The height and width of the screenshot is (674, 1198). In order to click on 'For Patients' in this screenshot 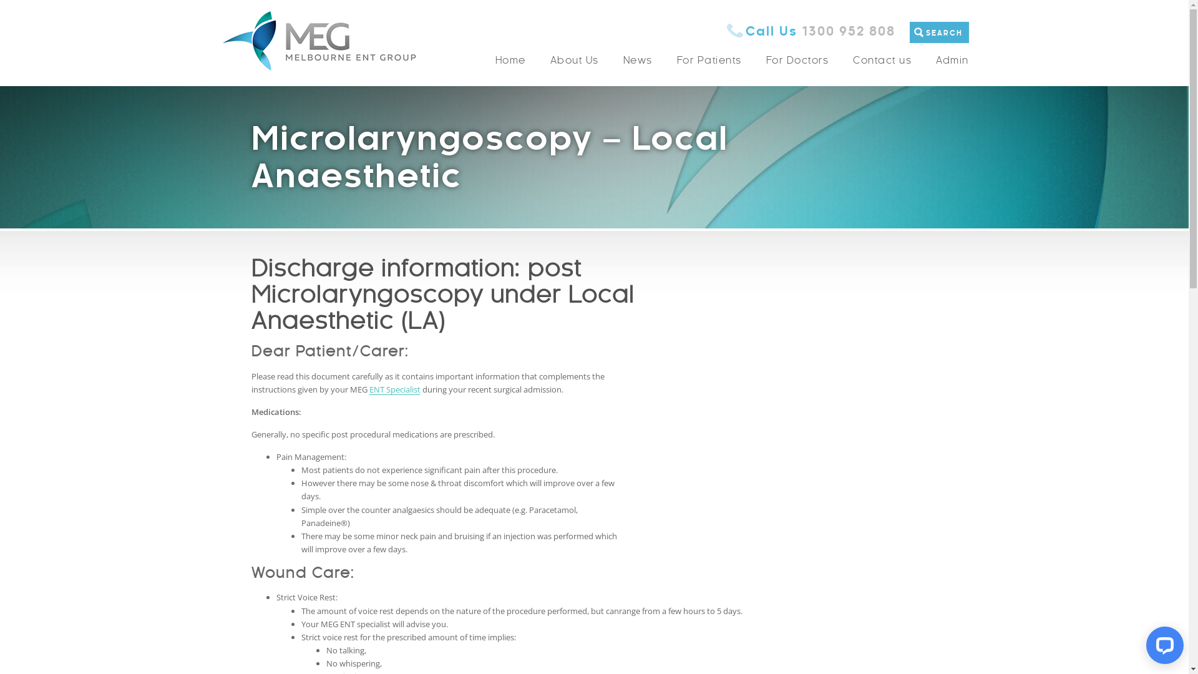, I will do `click(664, 61)`.